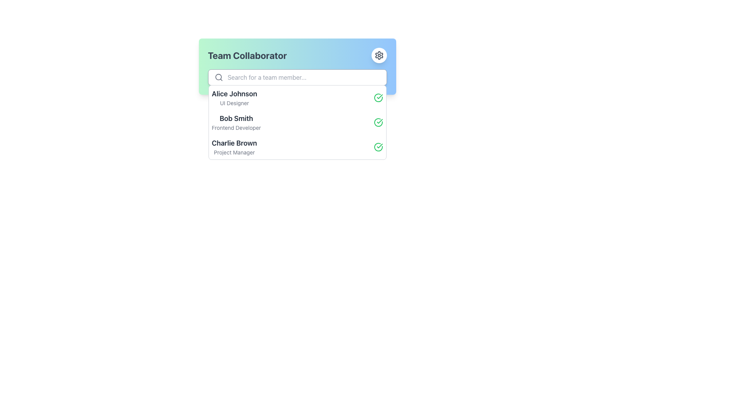 This screenshot has height=416, width=740. Describe the element at coordinates (234, 93) in the screenshot. I see `text label identifying the user 'Alice Johnson' in the team collaborators list, located at the top left corner of the user list, directly below the search bar` at that location.